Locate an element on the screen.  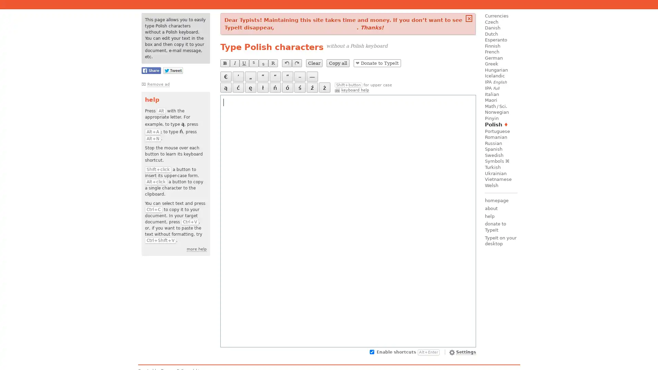
B is located at coordinates (225, 63).